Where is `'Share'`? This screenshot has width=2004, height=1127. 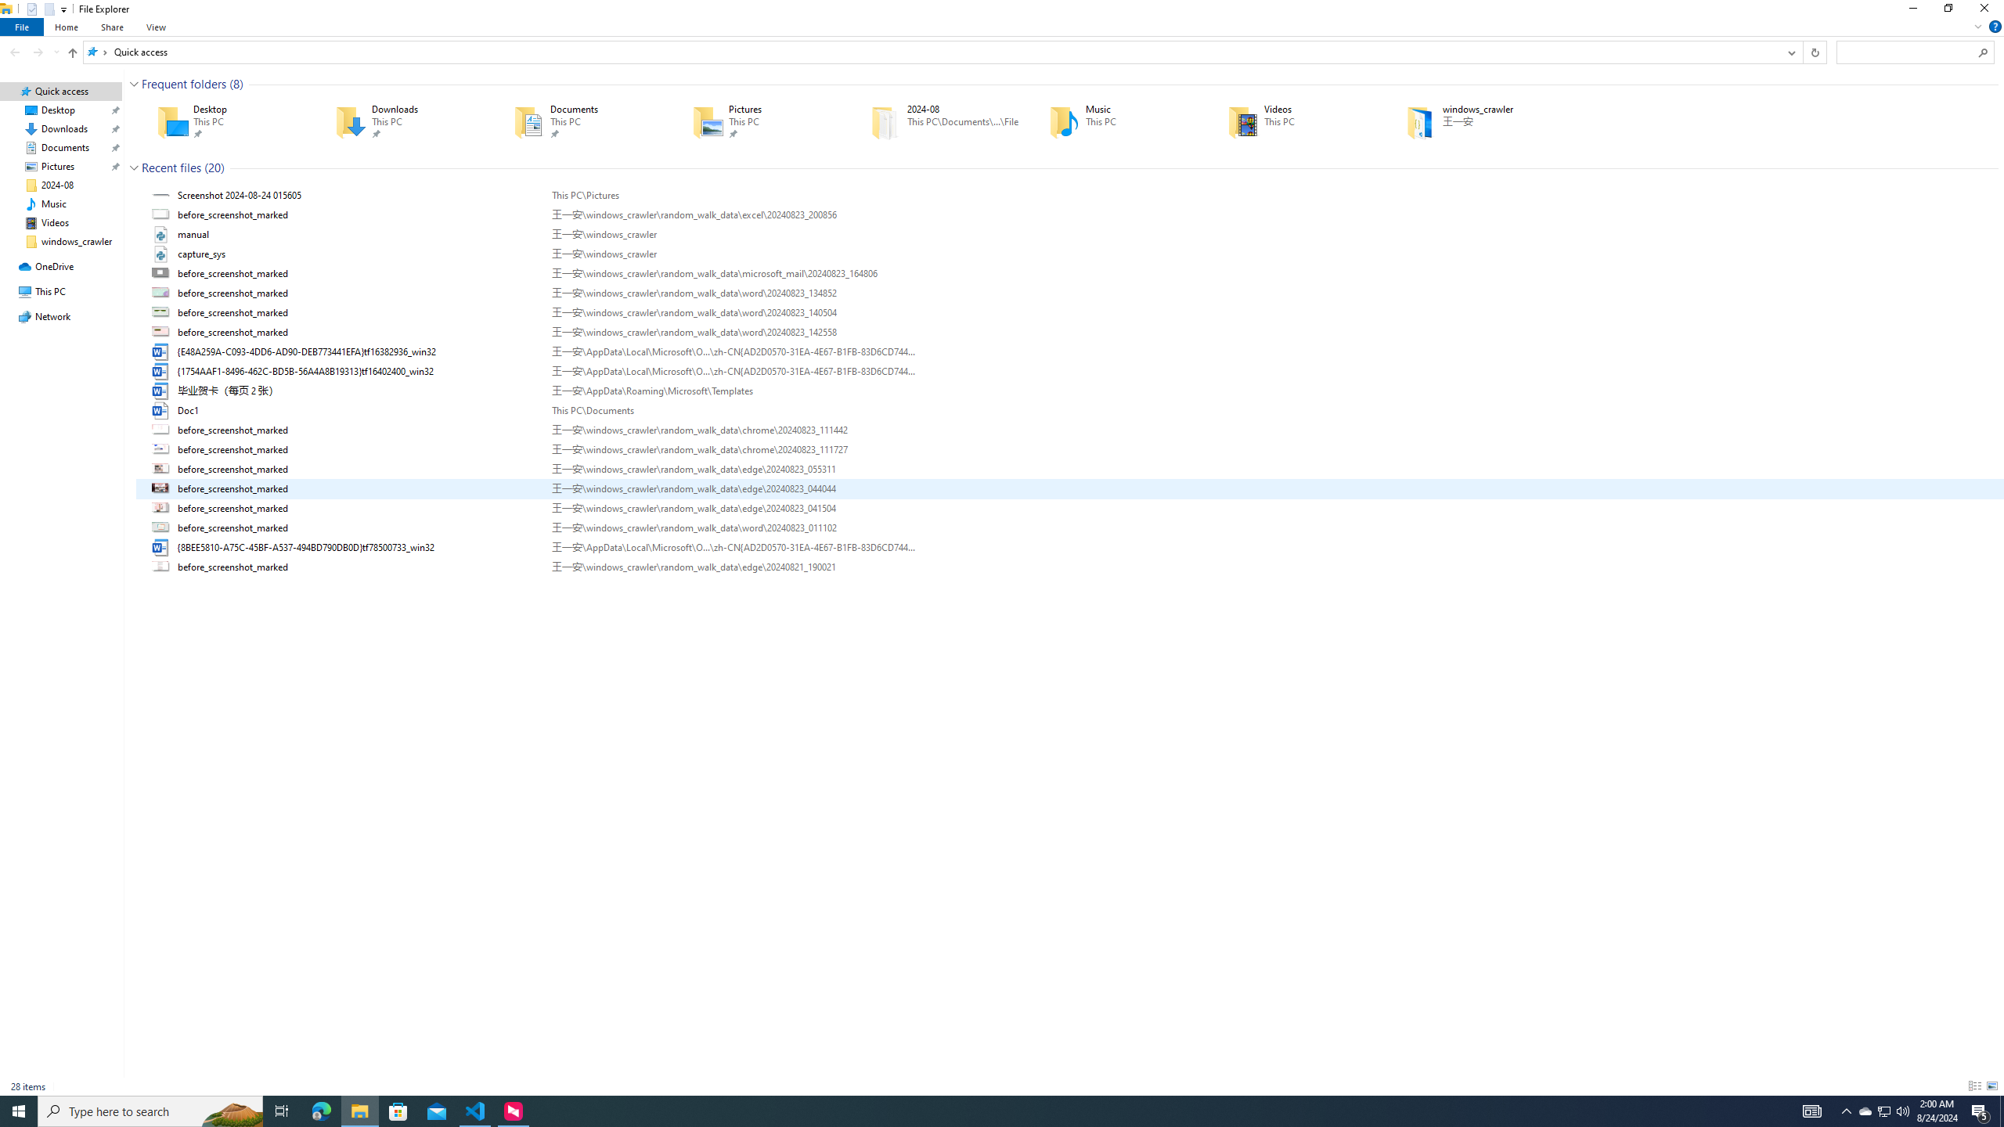 'Share' is located at coordinates (111, 27).